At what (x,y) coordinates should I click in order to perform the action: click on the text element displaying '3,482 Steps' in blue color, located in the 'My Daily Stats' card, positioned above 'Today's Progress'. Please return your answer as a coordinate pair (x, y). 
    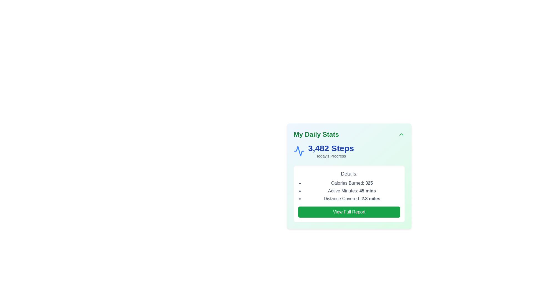
    Looking at the image, I should click on (331, 148).